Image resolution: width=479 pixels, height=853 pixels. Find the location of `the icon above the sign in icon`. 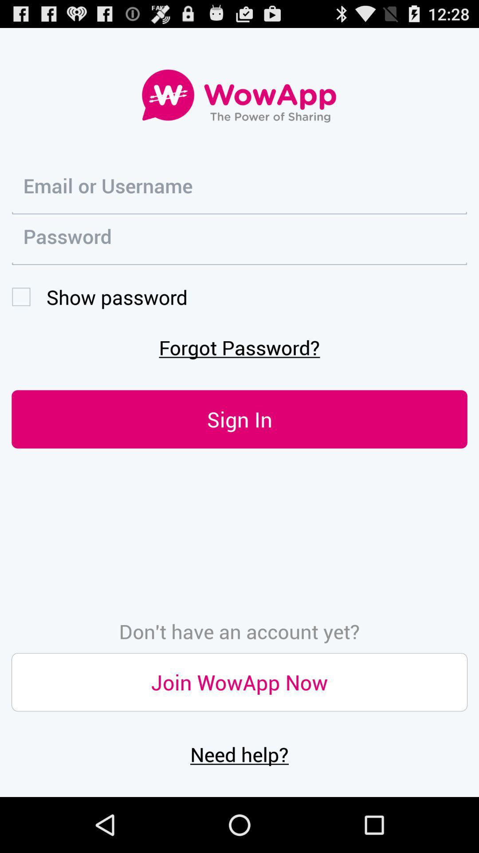

the icon above the sign in icon is located at coordinates (239, 347).